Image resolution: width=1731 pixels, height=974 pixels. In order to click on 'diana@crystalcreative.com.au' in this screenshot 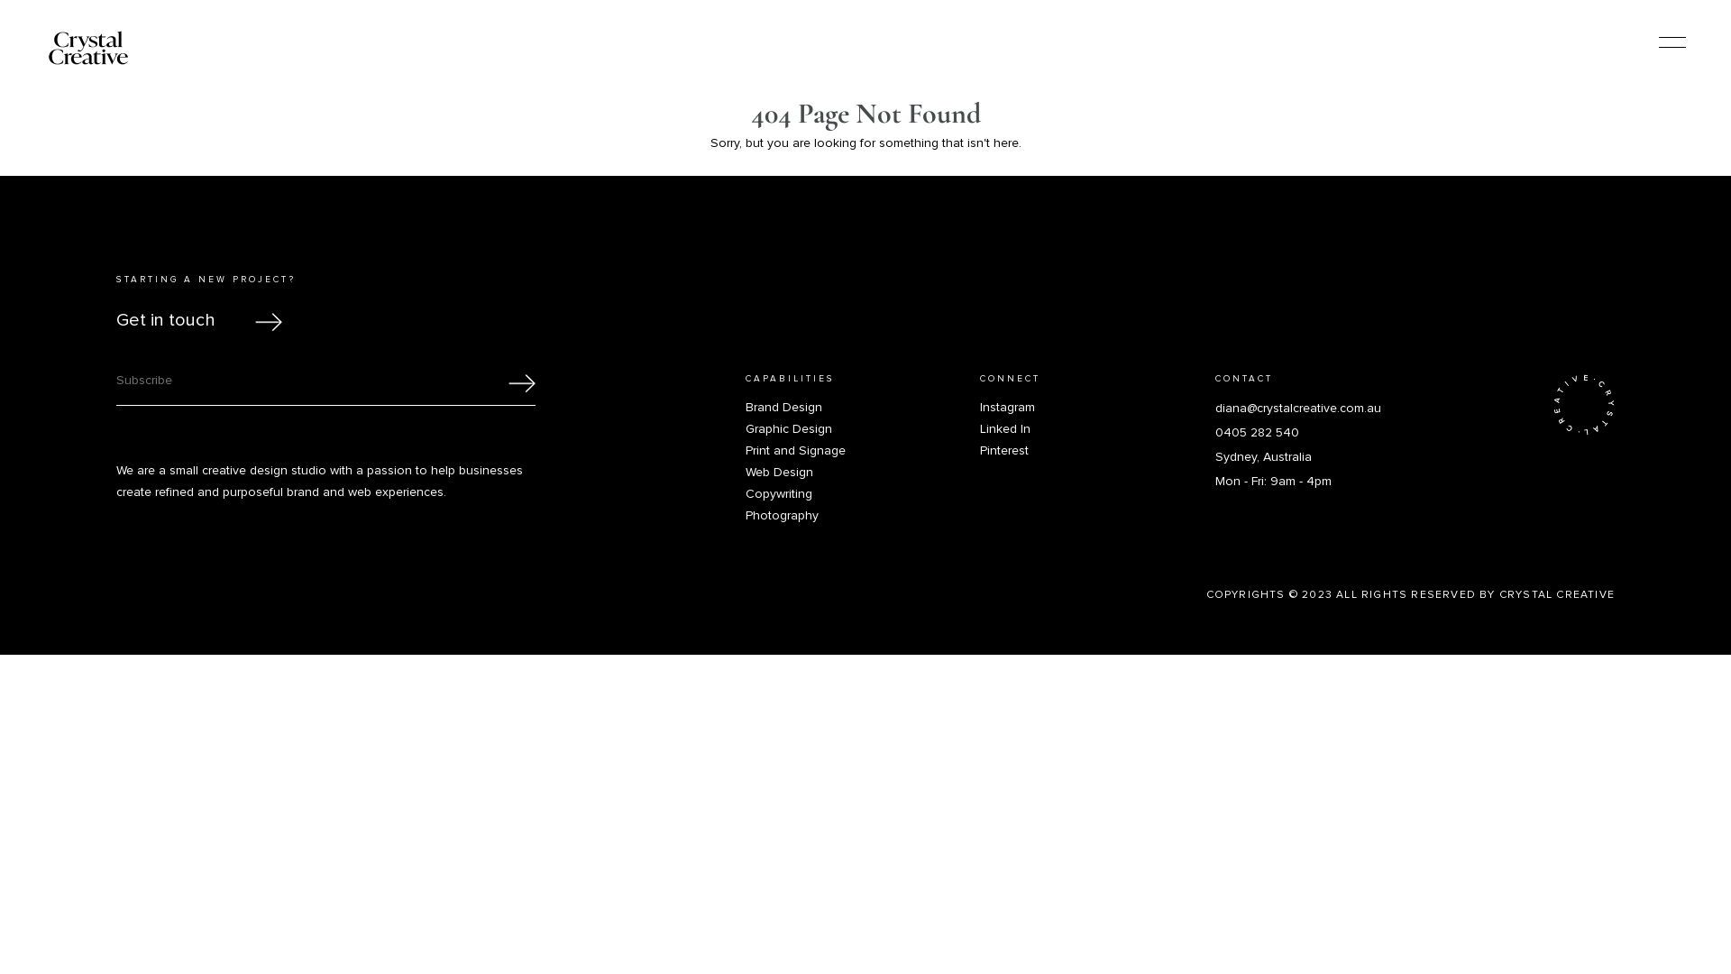, I will do `click(1215, 408)`.